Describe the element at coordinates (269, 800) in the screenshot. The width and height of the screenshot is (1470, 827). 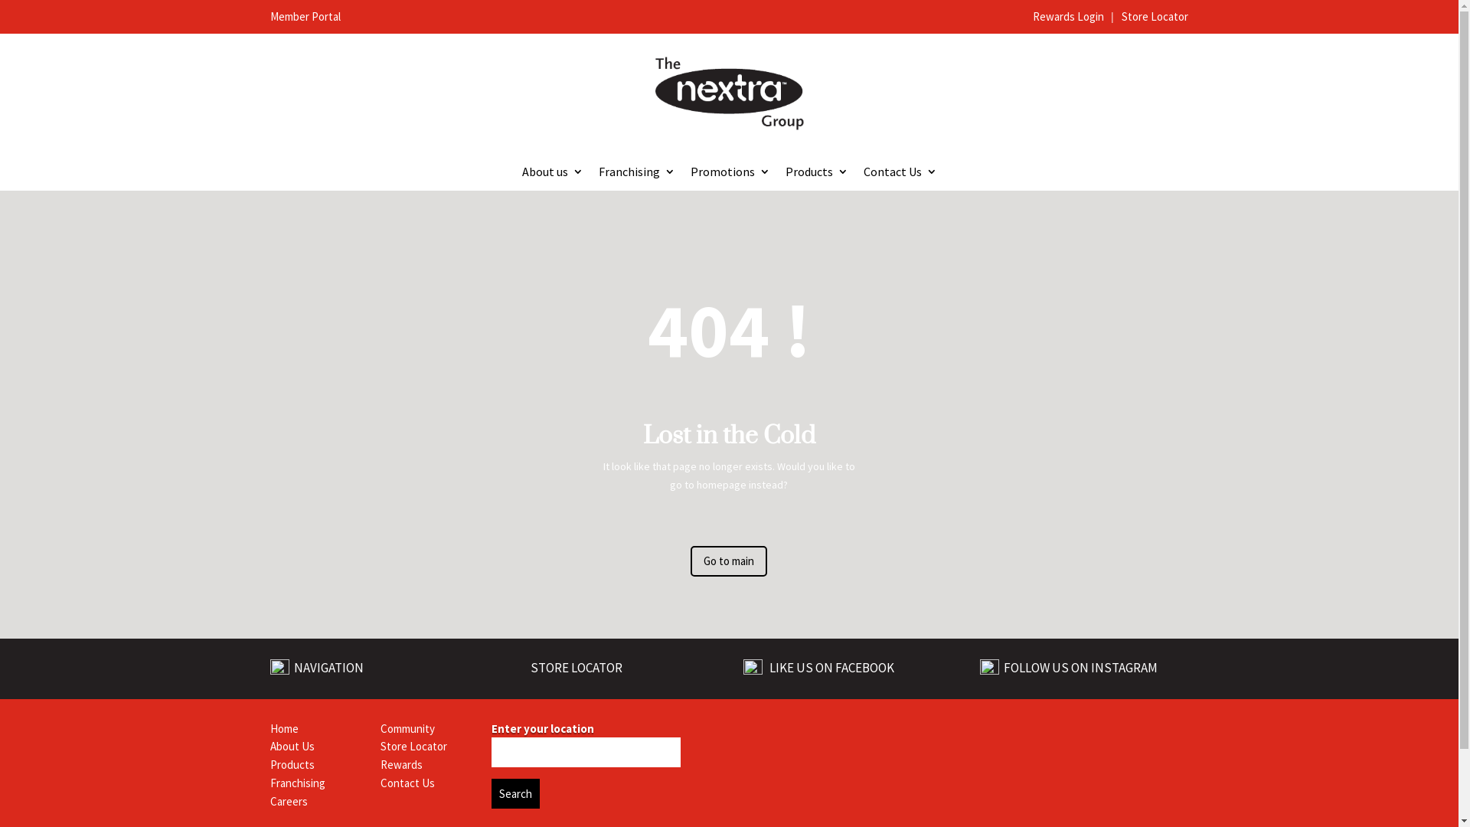
I see `'Careers'` at that location.